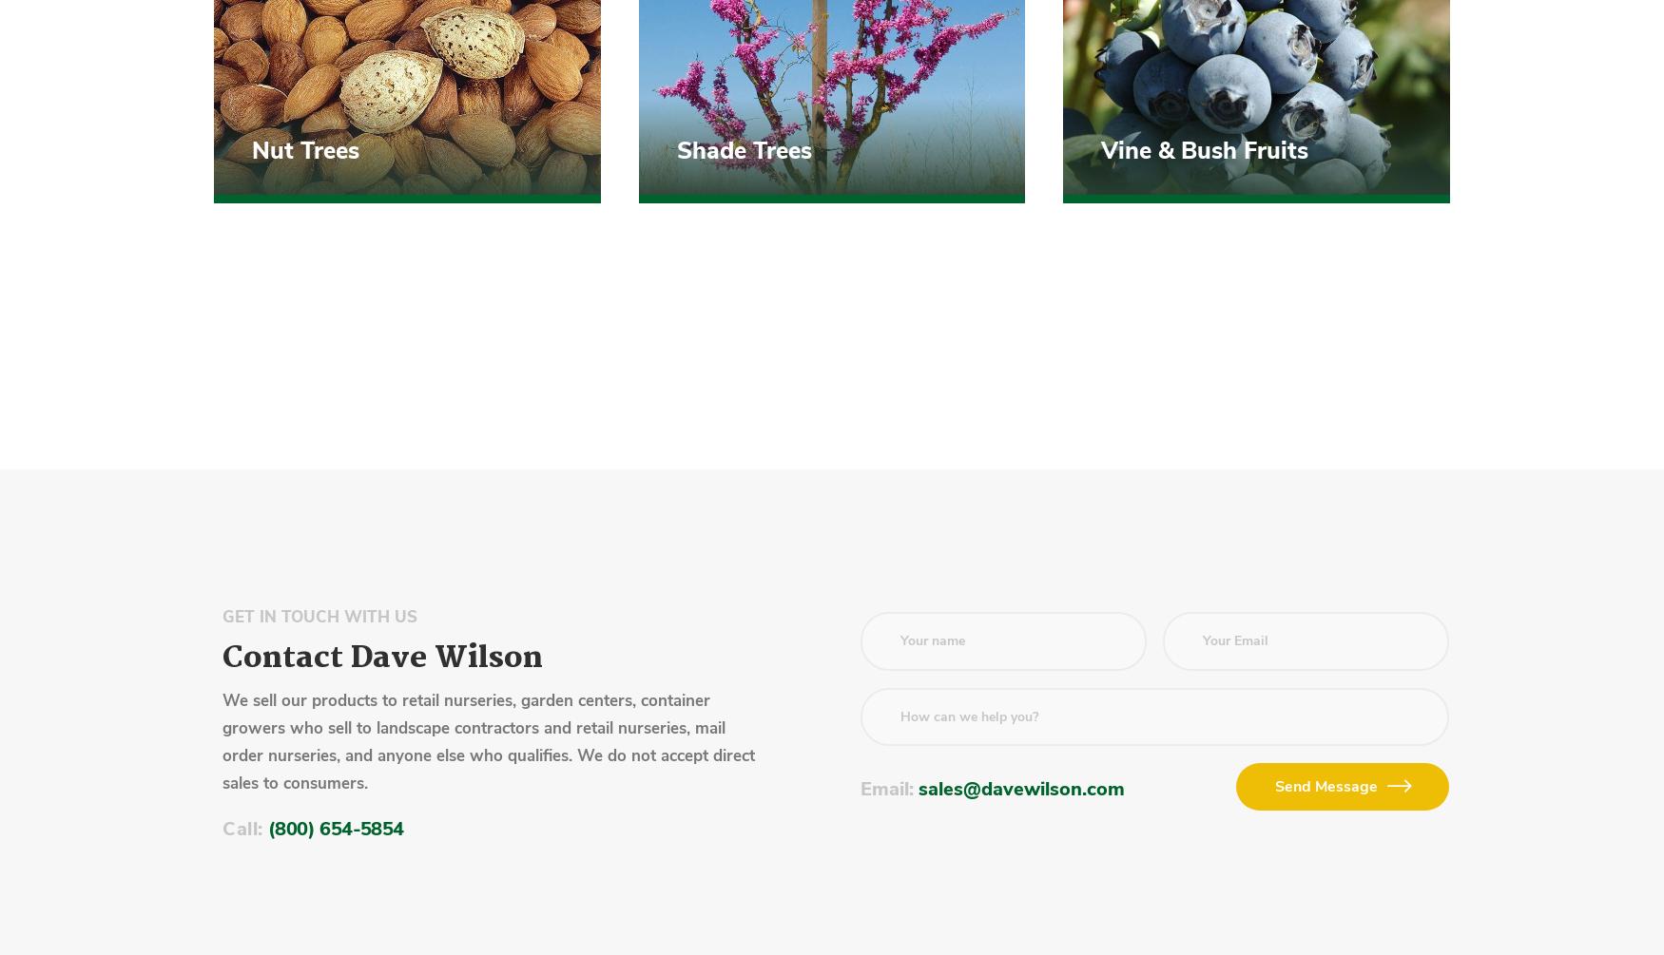  I want to click on 'PO Box 429', so click(306, 268).